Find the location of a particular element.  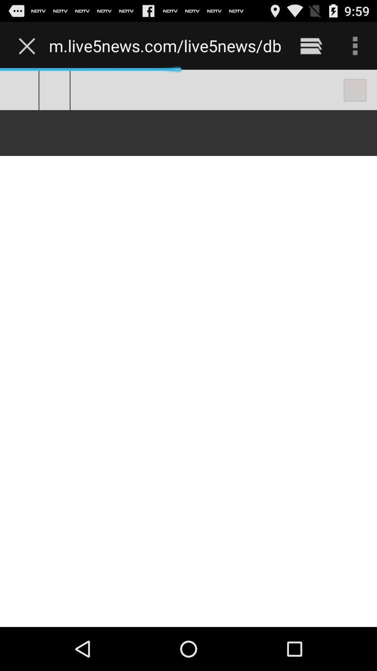

the m live5news com item is located at coordinates (165, 45).